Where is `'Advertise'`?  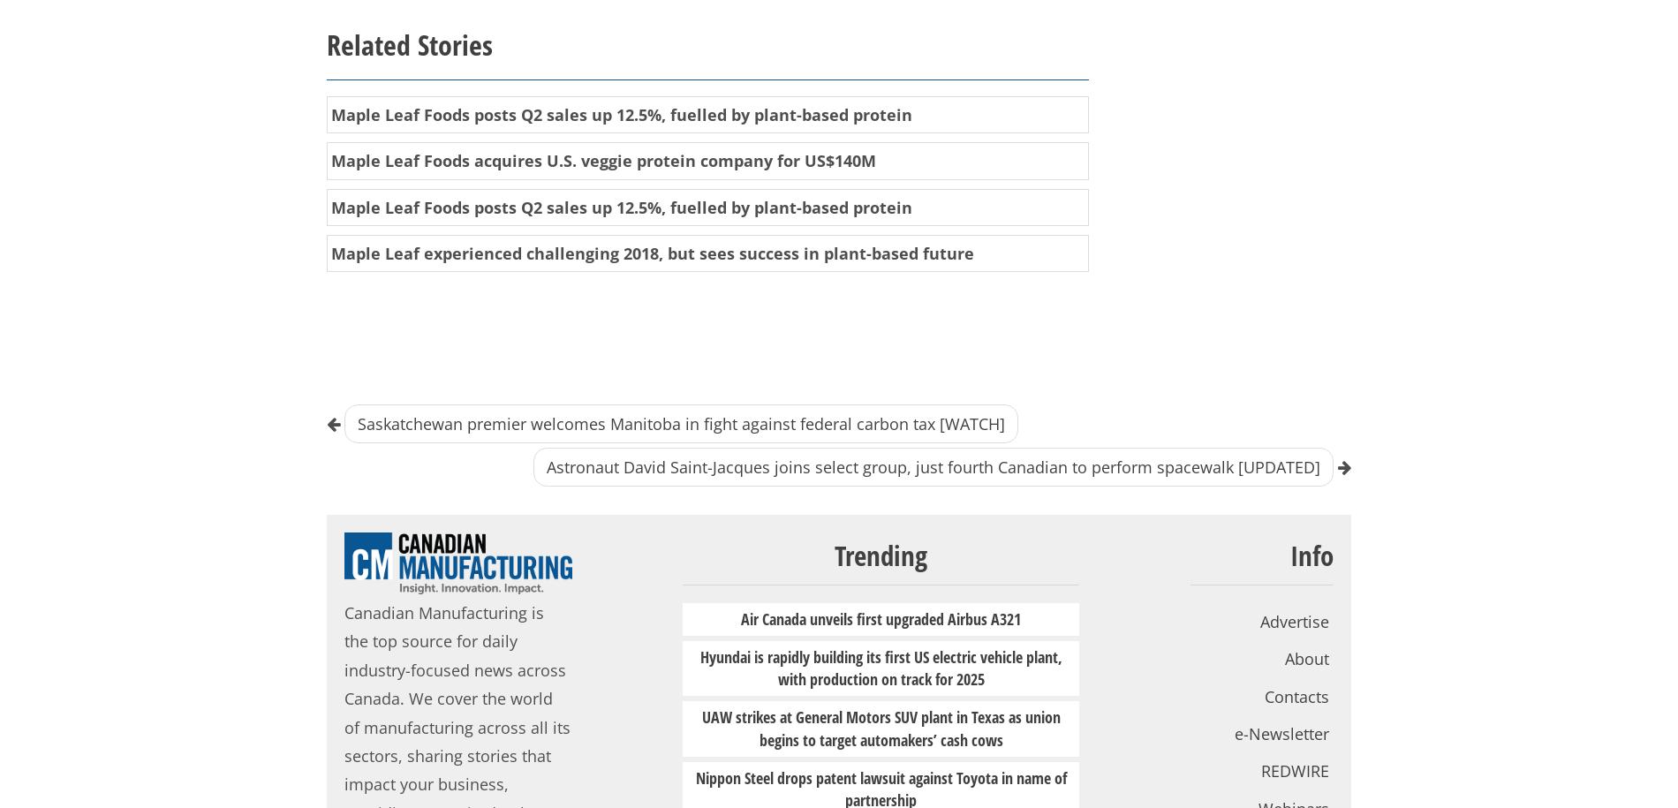
'Advertise' is located at coordinates (1294, 619).